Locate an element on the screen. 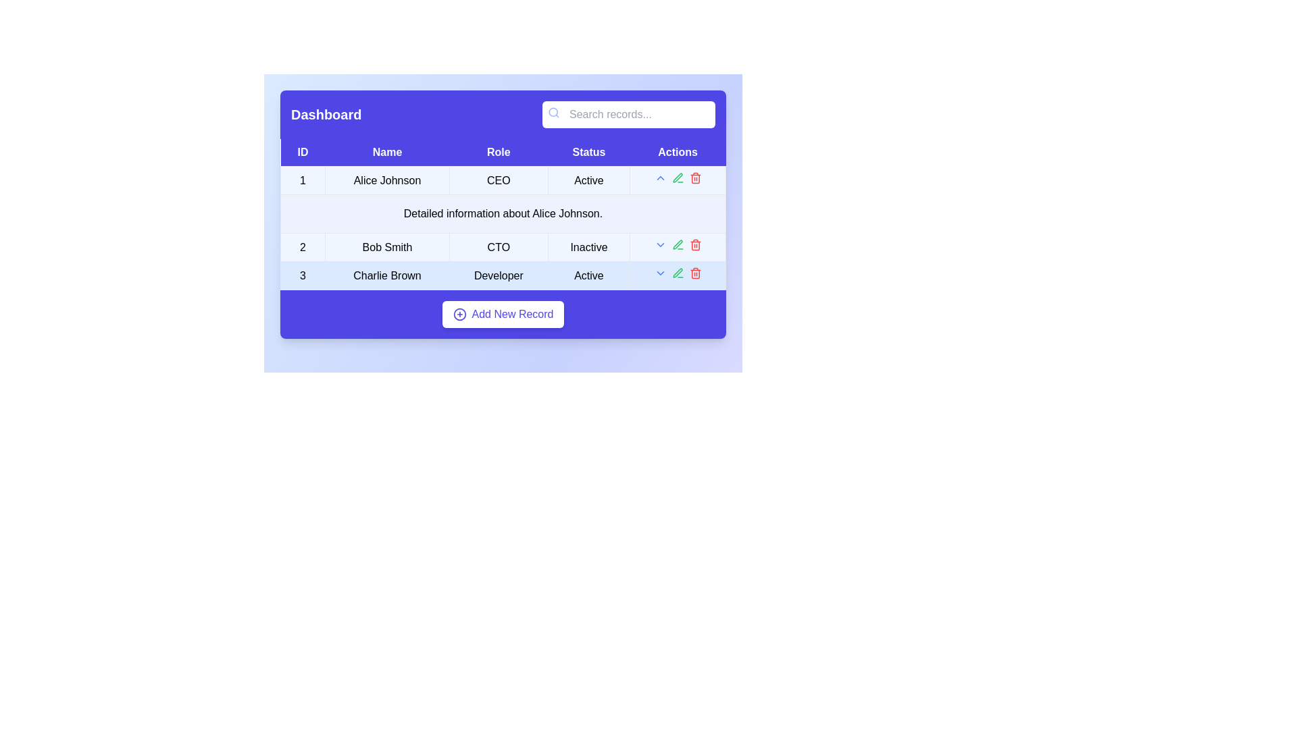 The height and width of the screenshot is (729, 1297). the green pencil icon button in the 'Actions' column of the 'Alice Johnson' row, which is the second icon from the left is located at coordinates (678, 180).